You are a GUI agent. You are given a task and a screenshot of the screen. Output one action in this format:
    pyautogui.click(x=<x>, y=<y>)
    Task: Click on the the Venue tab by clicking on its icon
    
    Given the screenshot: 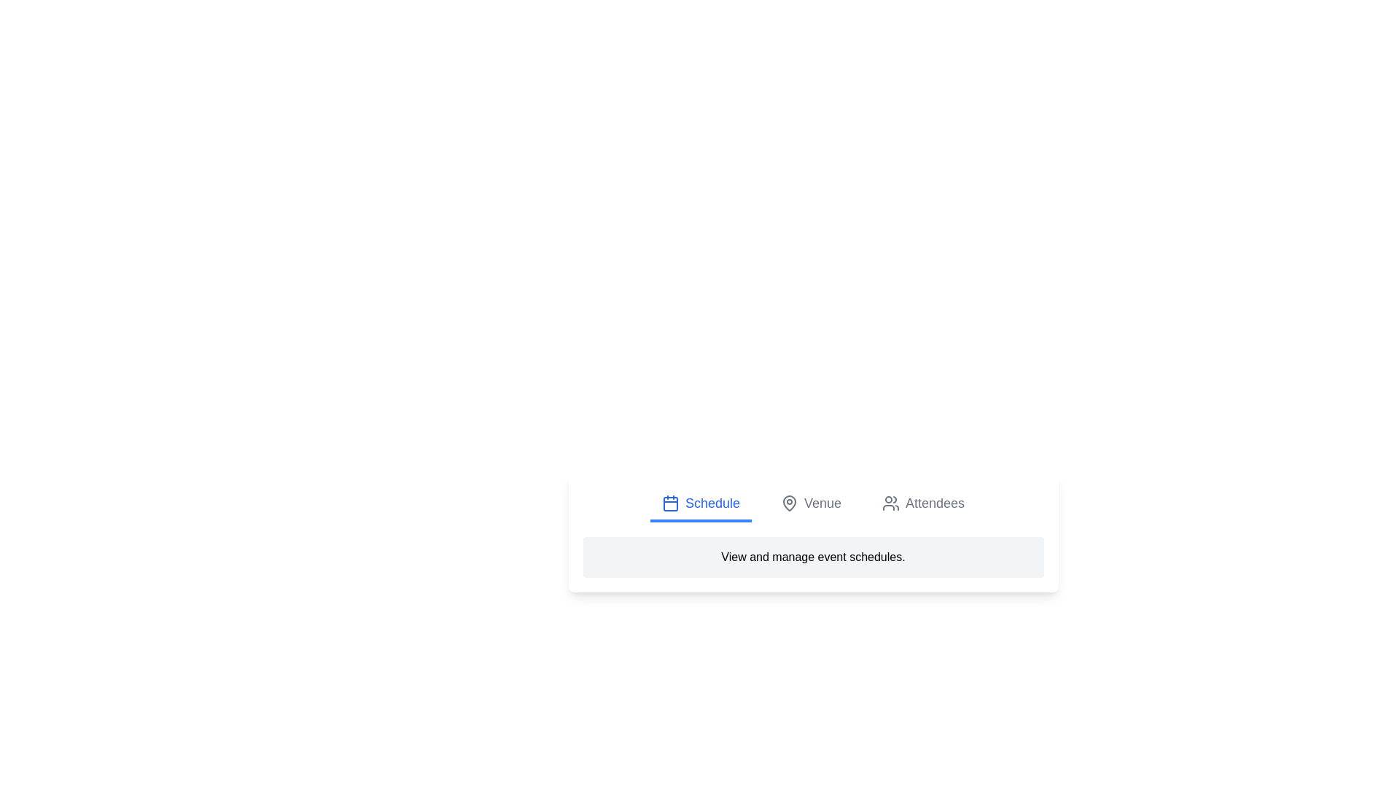 What is the action you would take?
    pyautogui.click(x=788, y=503)
    